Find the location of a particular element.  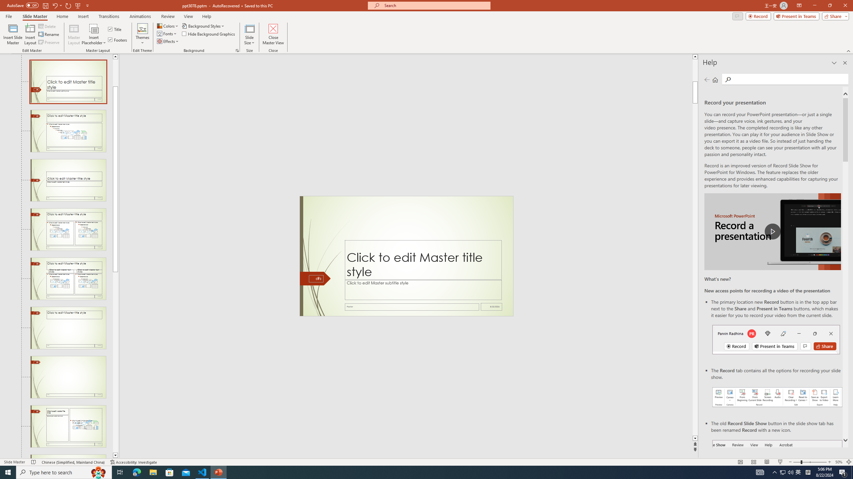

'Rename' is located at coordinates (49, 34).